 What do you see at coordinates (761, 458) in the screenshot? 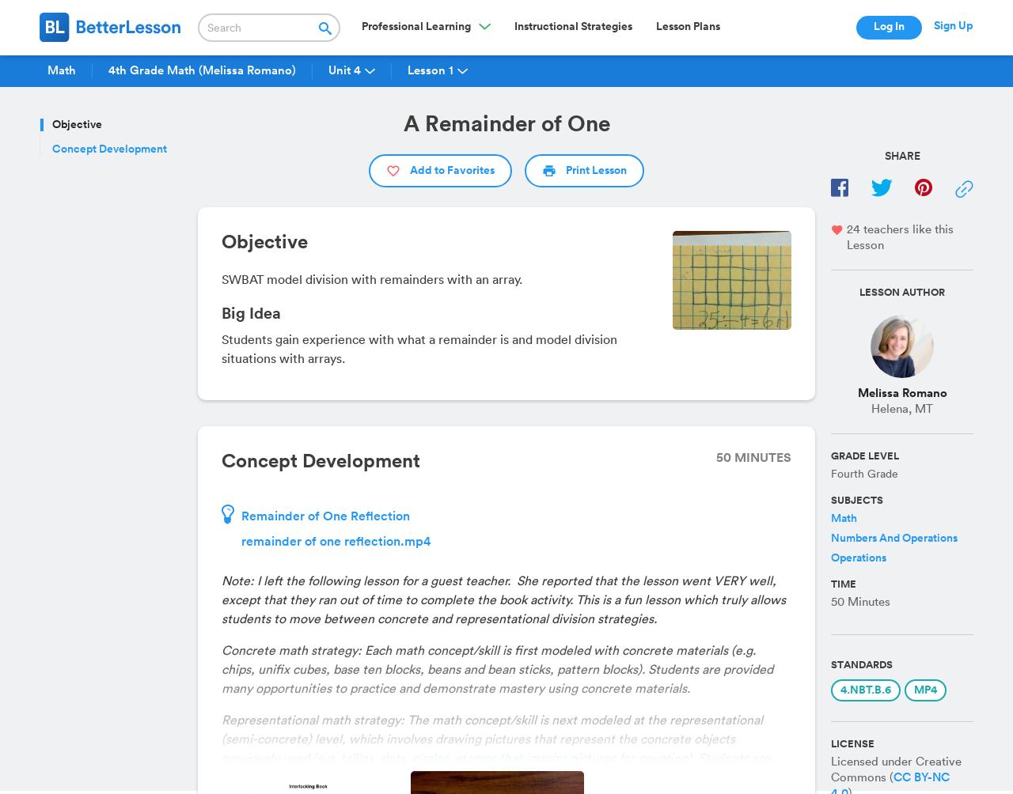
I see `'minutes'` at bounding box center [761, 458].